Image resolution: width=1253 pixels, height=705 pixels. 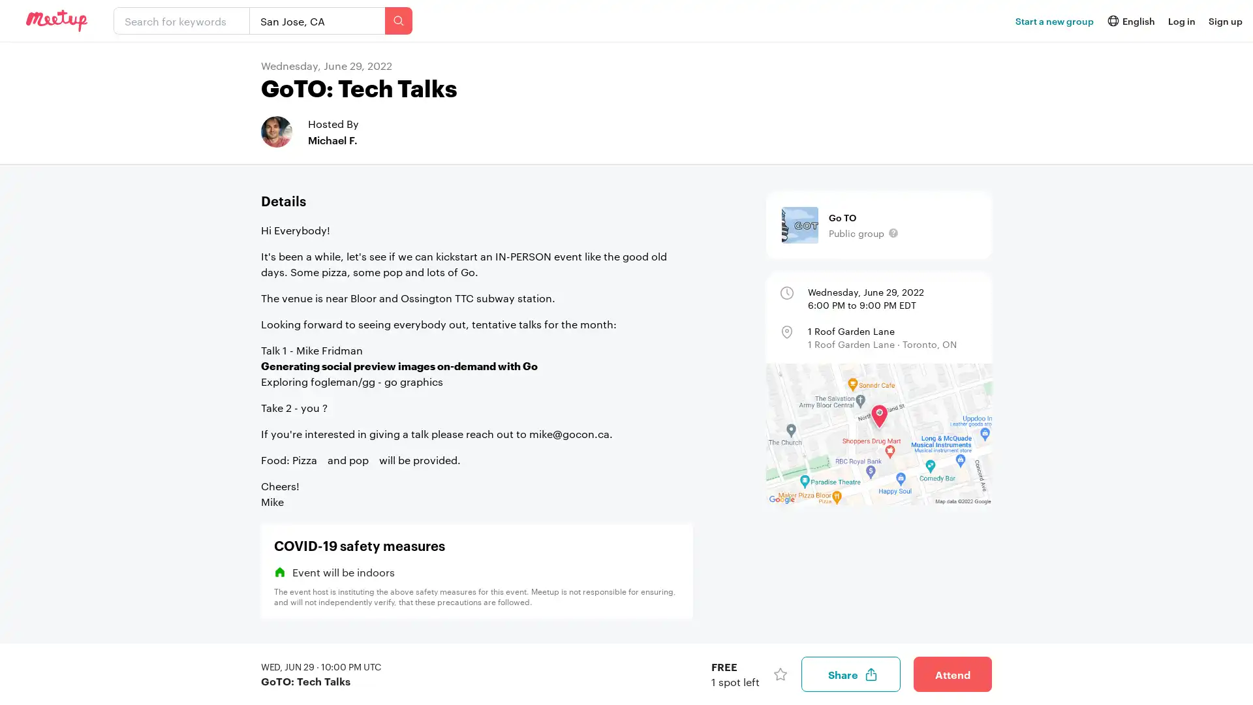 I want to click on icon English, so click(x=1130, y=20).